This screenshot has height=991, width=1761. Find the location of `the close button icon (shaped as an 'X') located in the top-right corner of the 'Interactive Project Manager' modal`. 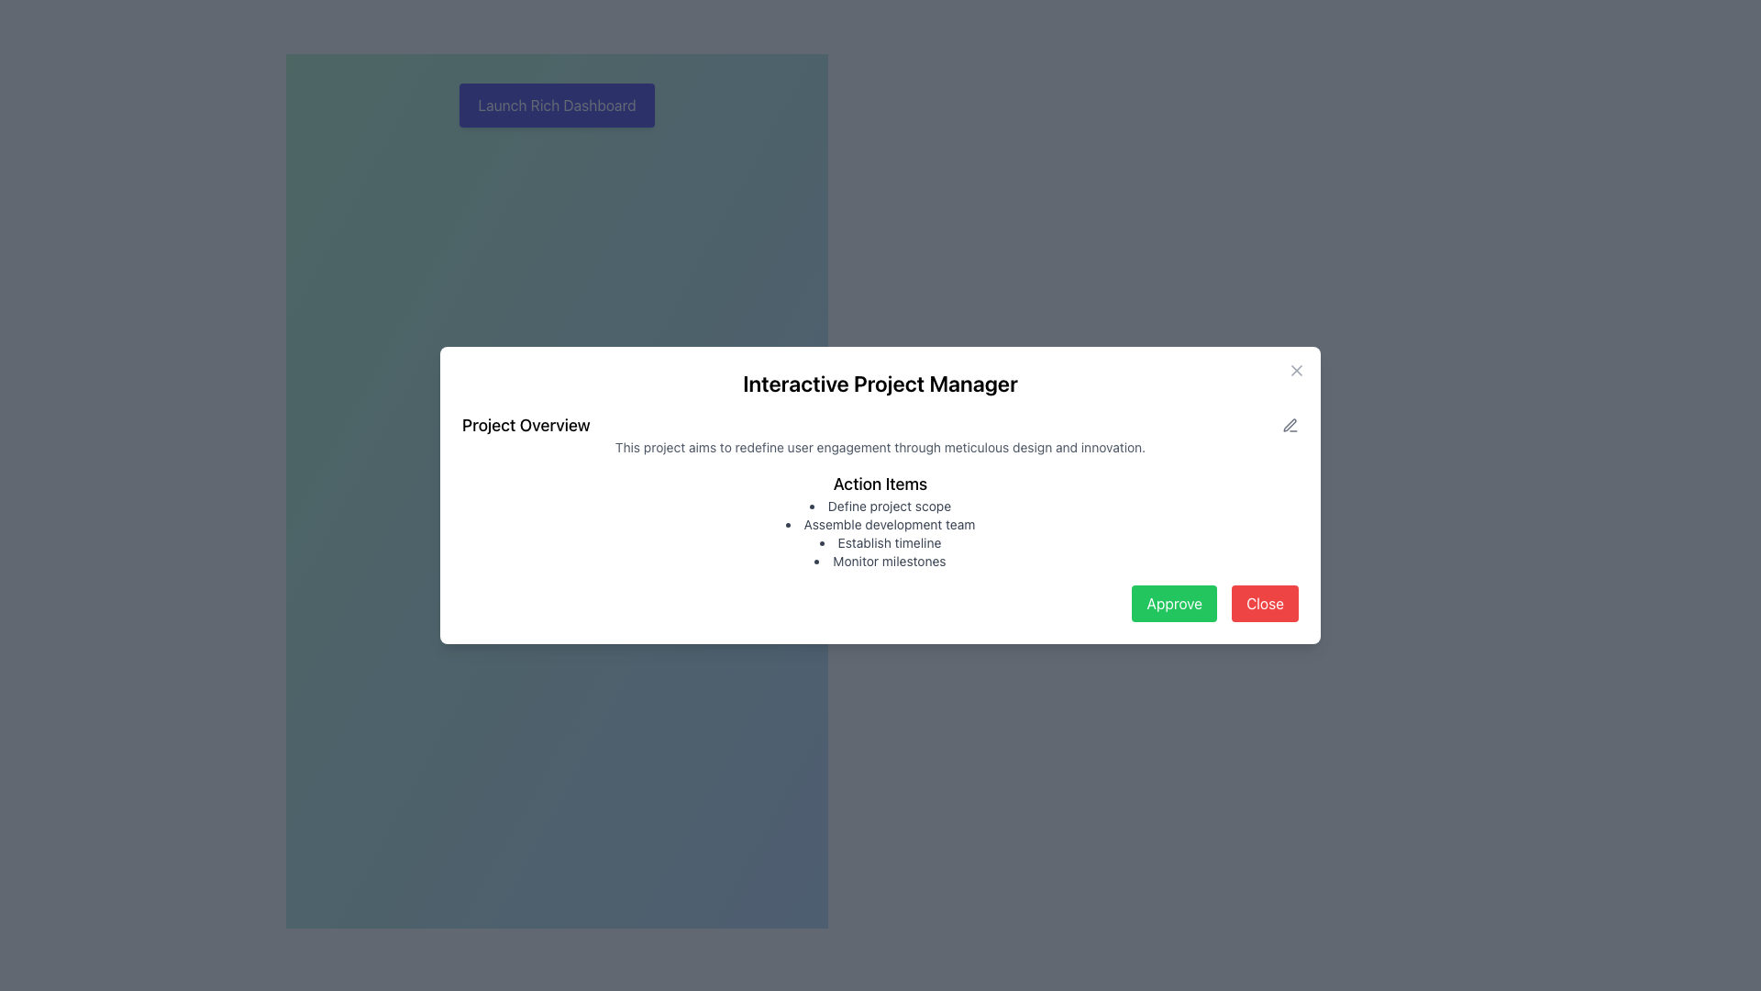

the close button icon (shaped as an 'X') located in the top-right corner of the 'Interactive Project Manager' modal is located at coordinates (1296, 371).